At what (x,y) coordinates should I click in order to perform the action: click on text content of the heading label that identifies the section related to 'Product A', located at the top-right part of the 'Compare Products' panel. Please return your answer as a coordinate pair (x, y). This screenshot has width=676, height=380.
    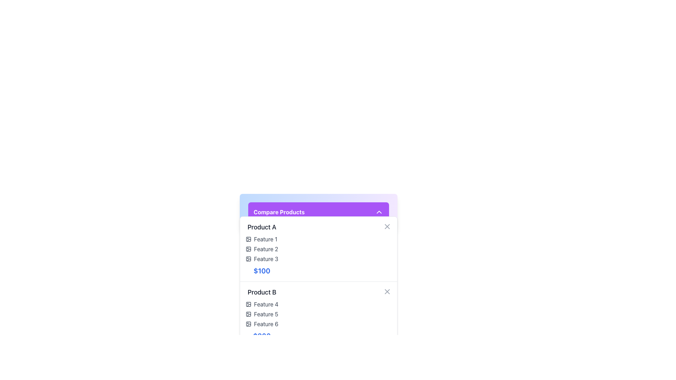
    Looking at the image, I should click on (262, 227).